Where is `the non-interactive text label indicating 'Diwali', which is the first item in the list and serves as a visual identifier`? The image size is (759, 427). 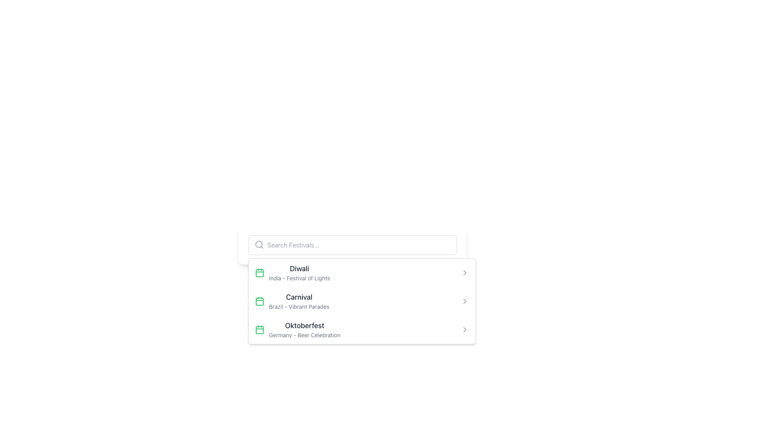 the non-interactive text label indicating 'Diwali', which is the first item in the list and serves as a visual identifier is located at coordinates (299, 268).